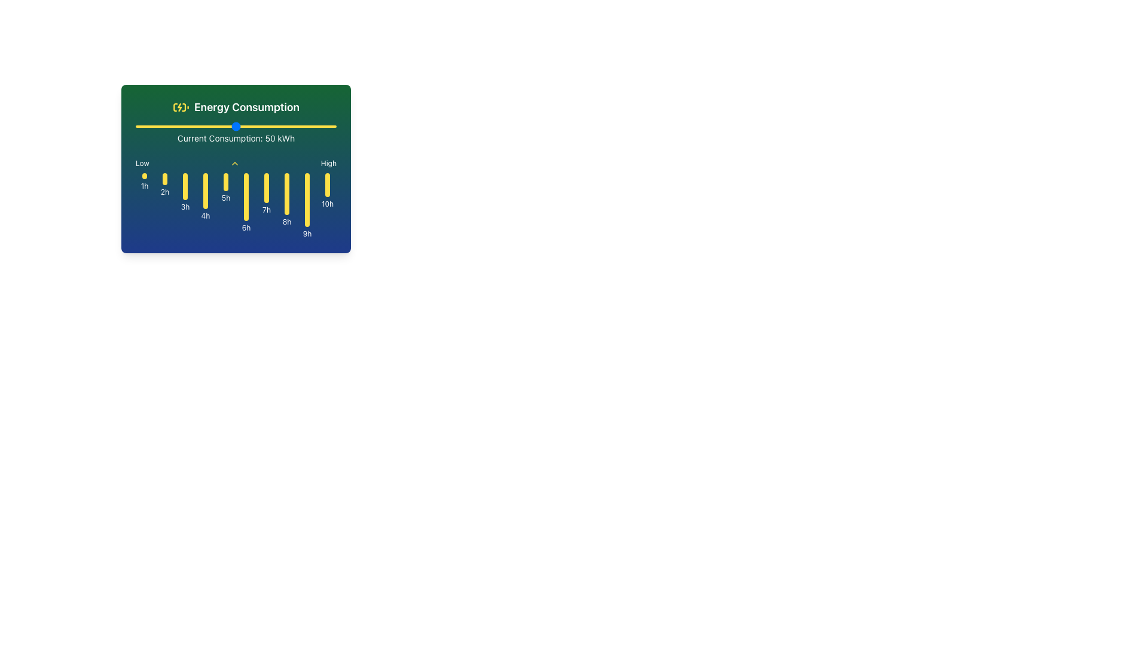  Describe the element at coordinates (206, 205) in the screenshot. I see `the fourth vertical yellow Graphical Data Bar positioned above the text '4h'` at that location.